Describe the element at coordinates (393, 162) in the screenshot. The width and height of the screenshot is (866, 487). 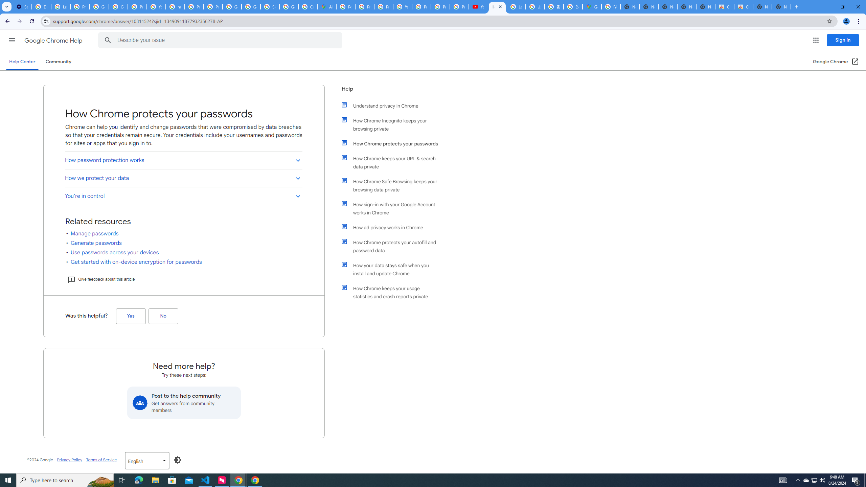
I see `'How Chrome keeps your URL & search data private'` at that location.